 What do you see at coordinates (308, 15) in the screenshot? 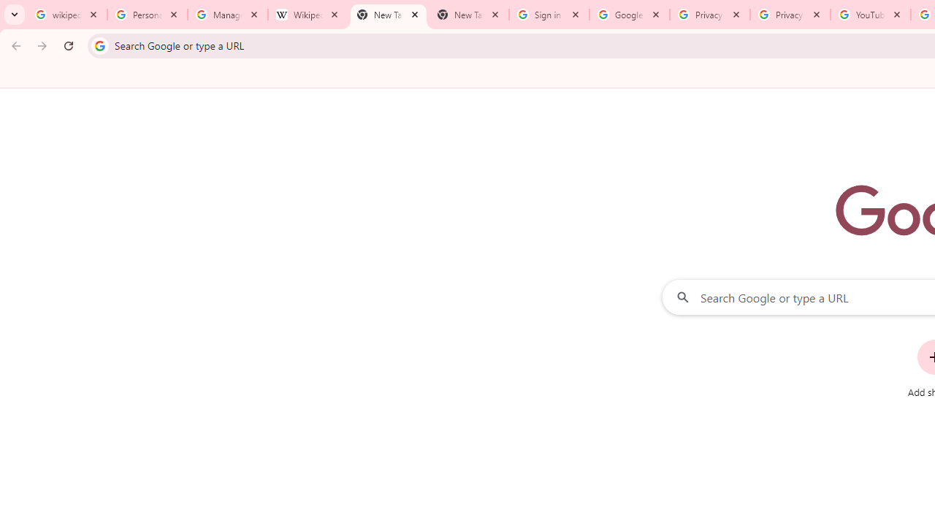
I see `'Wikipedia:Edit requests - Wikipedia'` at bounding box center [308, 15].